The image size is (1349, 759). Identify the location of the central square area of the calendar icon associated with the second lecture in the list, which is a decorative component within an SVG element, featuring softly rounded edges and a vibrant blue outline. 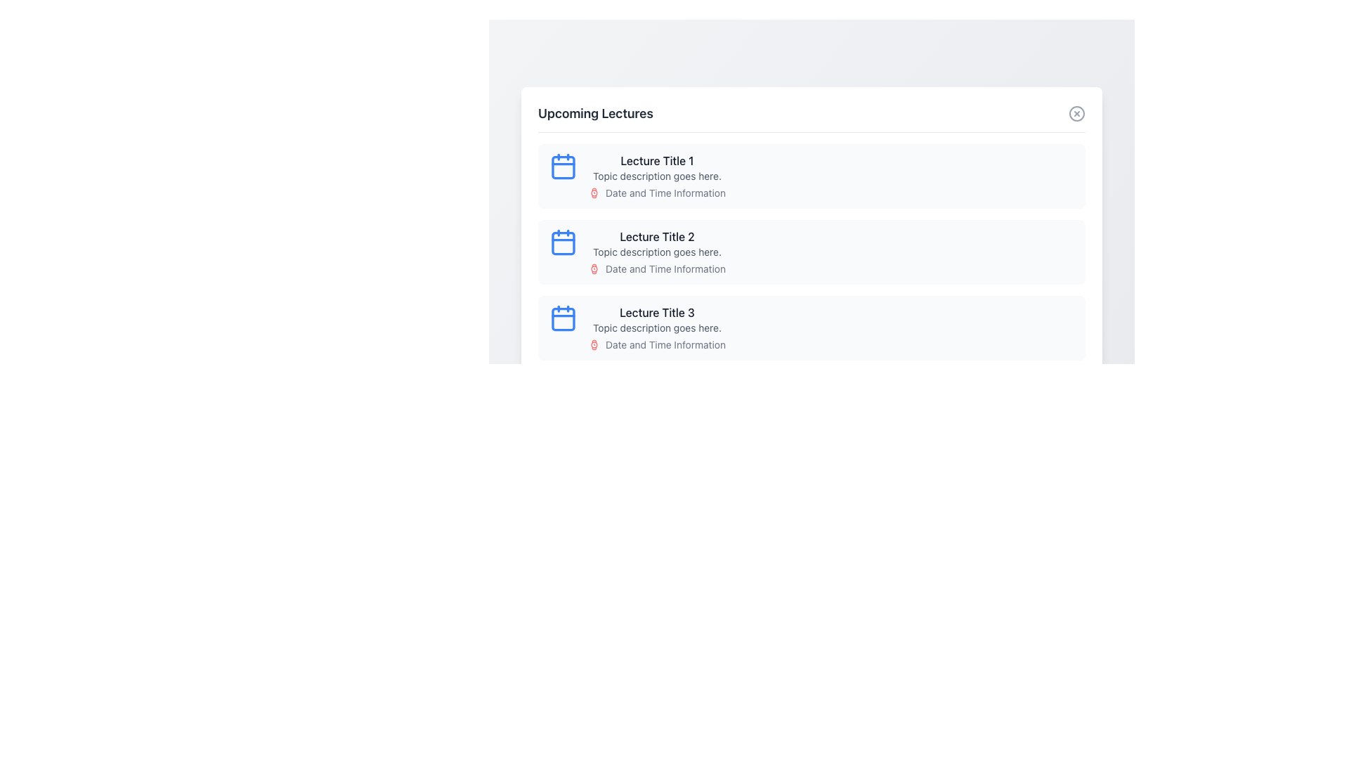
(563, 242).